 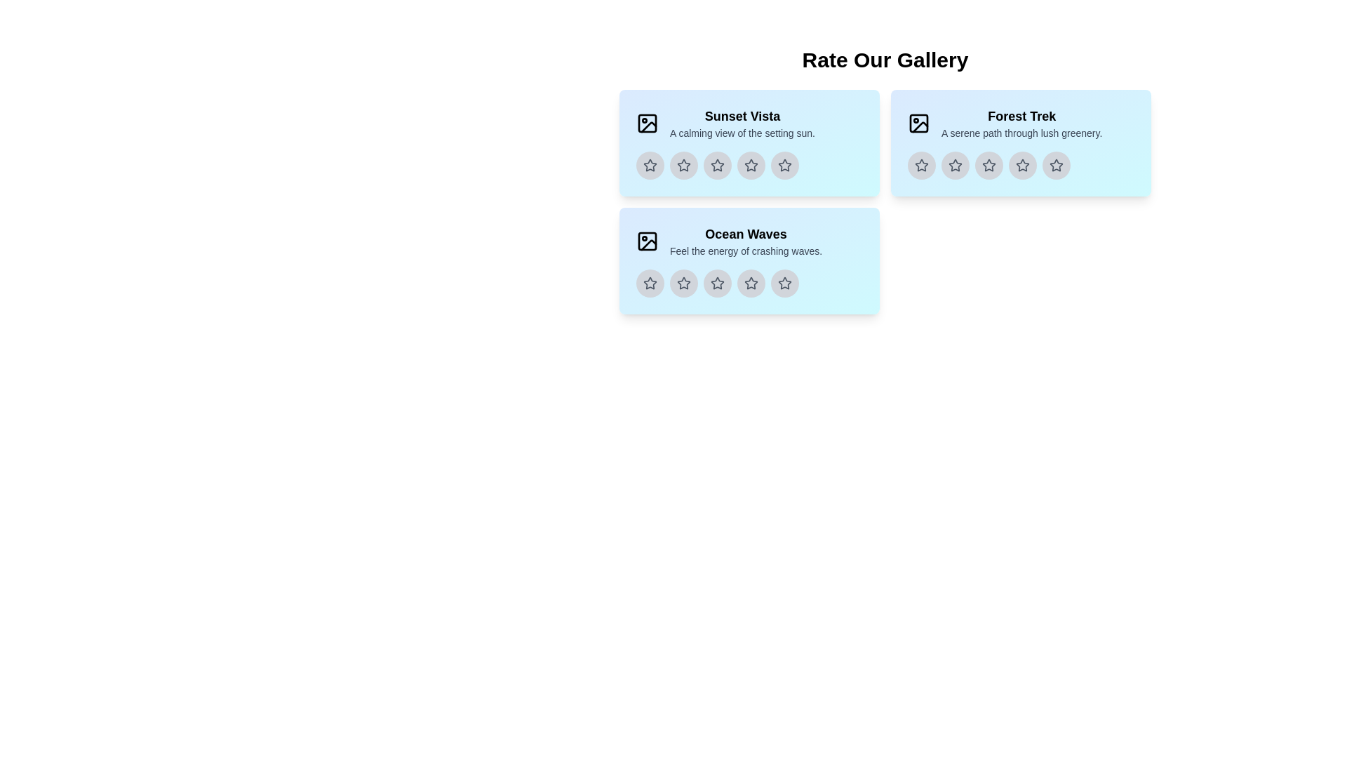 I want to click on the first star-shaped rating icon in the top-left rating row under the 'Sunset Vista' title, so click(x=649, y=164).